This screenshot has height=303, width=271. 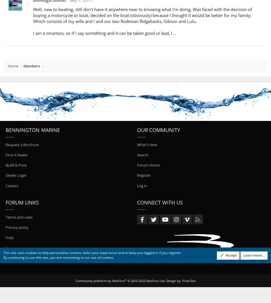 What do you see at coordinates (159, 202) in the screenshot?
I see `'Connect with us'` at bounding box center [159, 202].